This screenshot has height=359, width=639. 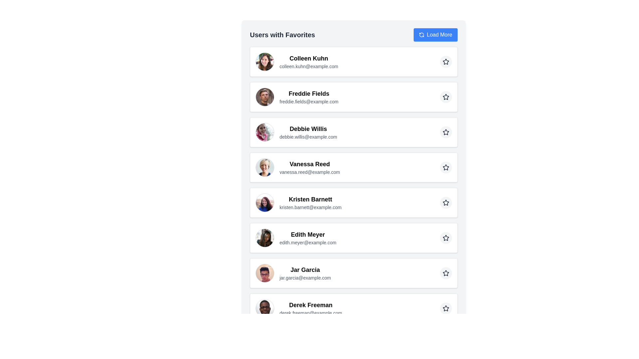 I want to click on the text label displaying the email address 'jar.garcia@example.com', which is styled in gray and located below the name 'Jar Garcia' within the user card layout, so click(x=305, y=278).